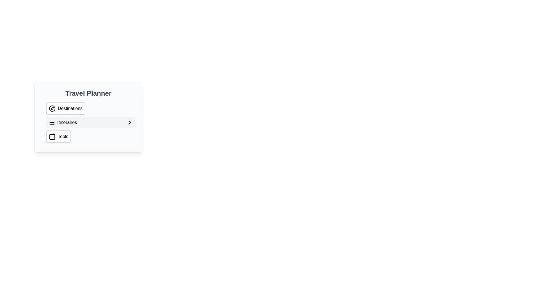 The width and height of the screenshot is (539, 303). What do you see at coordinates (52, 108) in the screenshot?
I see `the SVG circle representing 'Destinations' in the 'Travel Planner' card, which serves as a visual decoration for navigation` at bounding box center [52, 108].